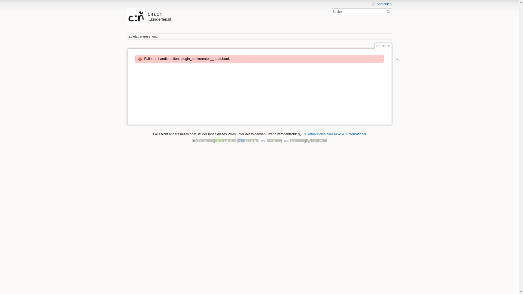 The image size is (523, 294). What do you see at coordinates (270, 140) in the screenshot?
I see `'Valid HTML5'` at bounding box center [270, 140].